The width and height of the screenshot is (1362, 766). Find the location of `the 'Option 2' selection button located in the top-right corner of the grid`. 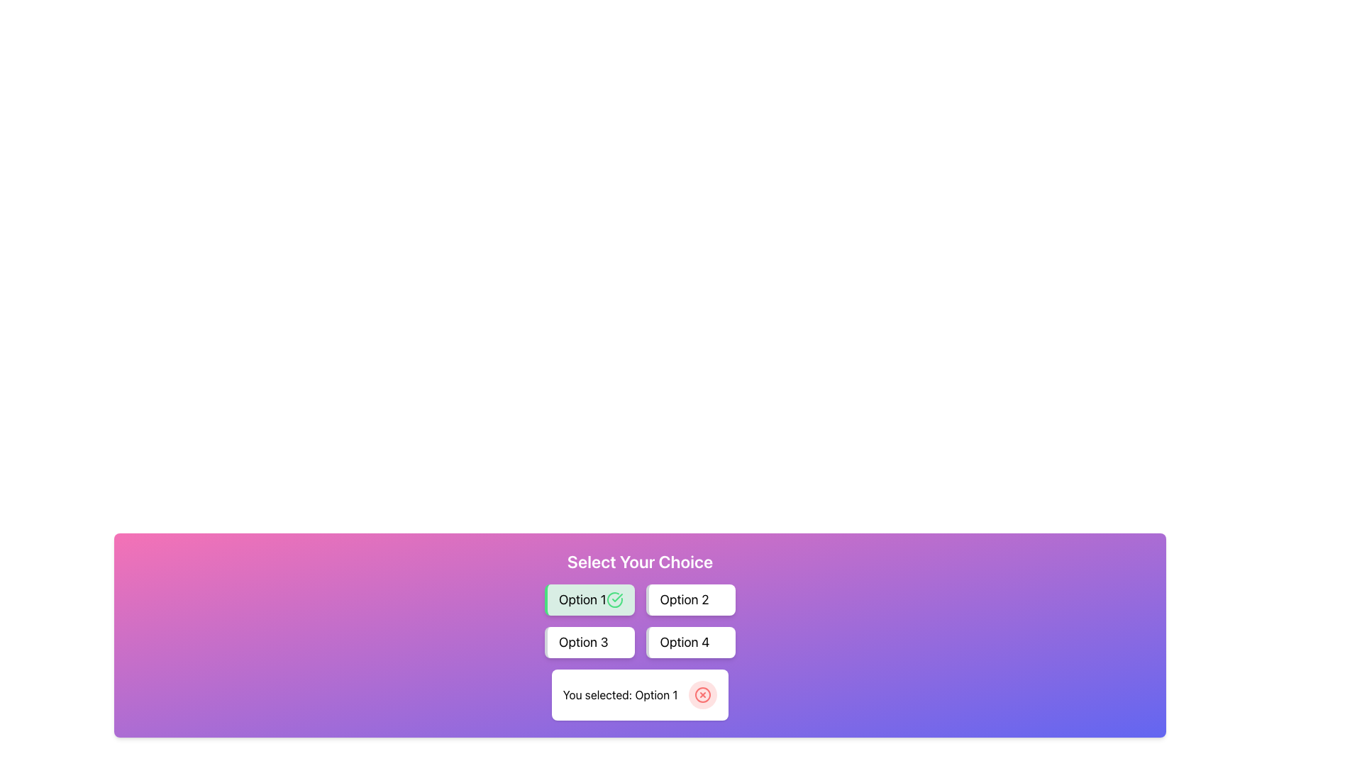

the 'Option 2' selection button located in the top-right corner of the grid is located at coordinates (690, 599).